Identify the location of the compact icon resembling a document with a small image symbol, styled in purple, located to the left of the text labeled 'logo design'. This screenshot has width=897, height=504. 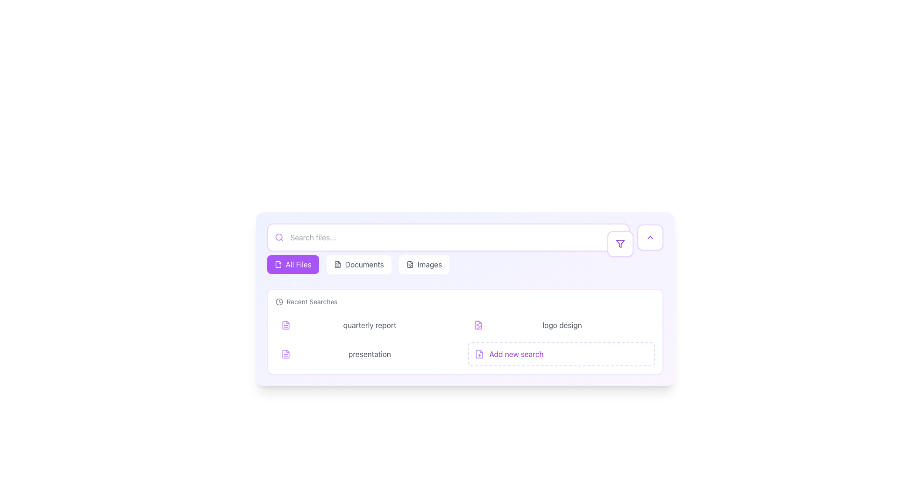
(478, 325).